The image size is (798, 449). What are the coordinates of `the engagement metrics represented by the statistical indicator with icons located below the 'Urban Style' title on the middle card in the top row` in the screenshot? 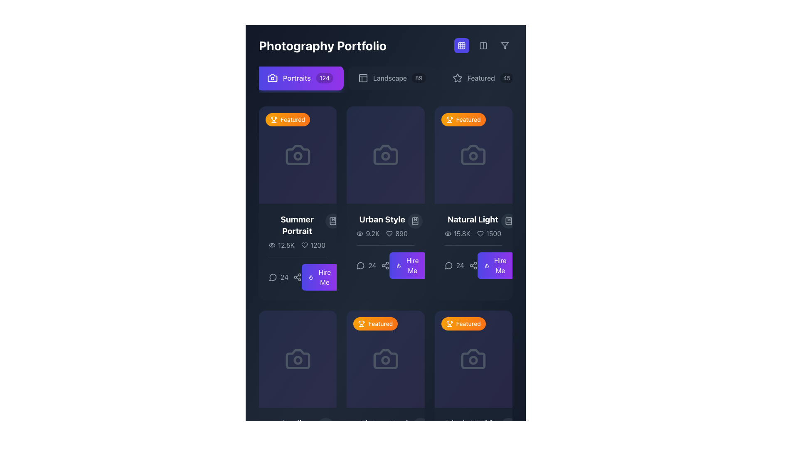 It's located at (382, 234).